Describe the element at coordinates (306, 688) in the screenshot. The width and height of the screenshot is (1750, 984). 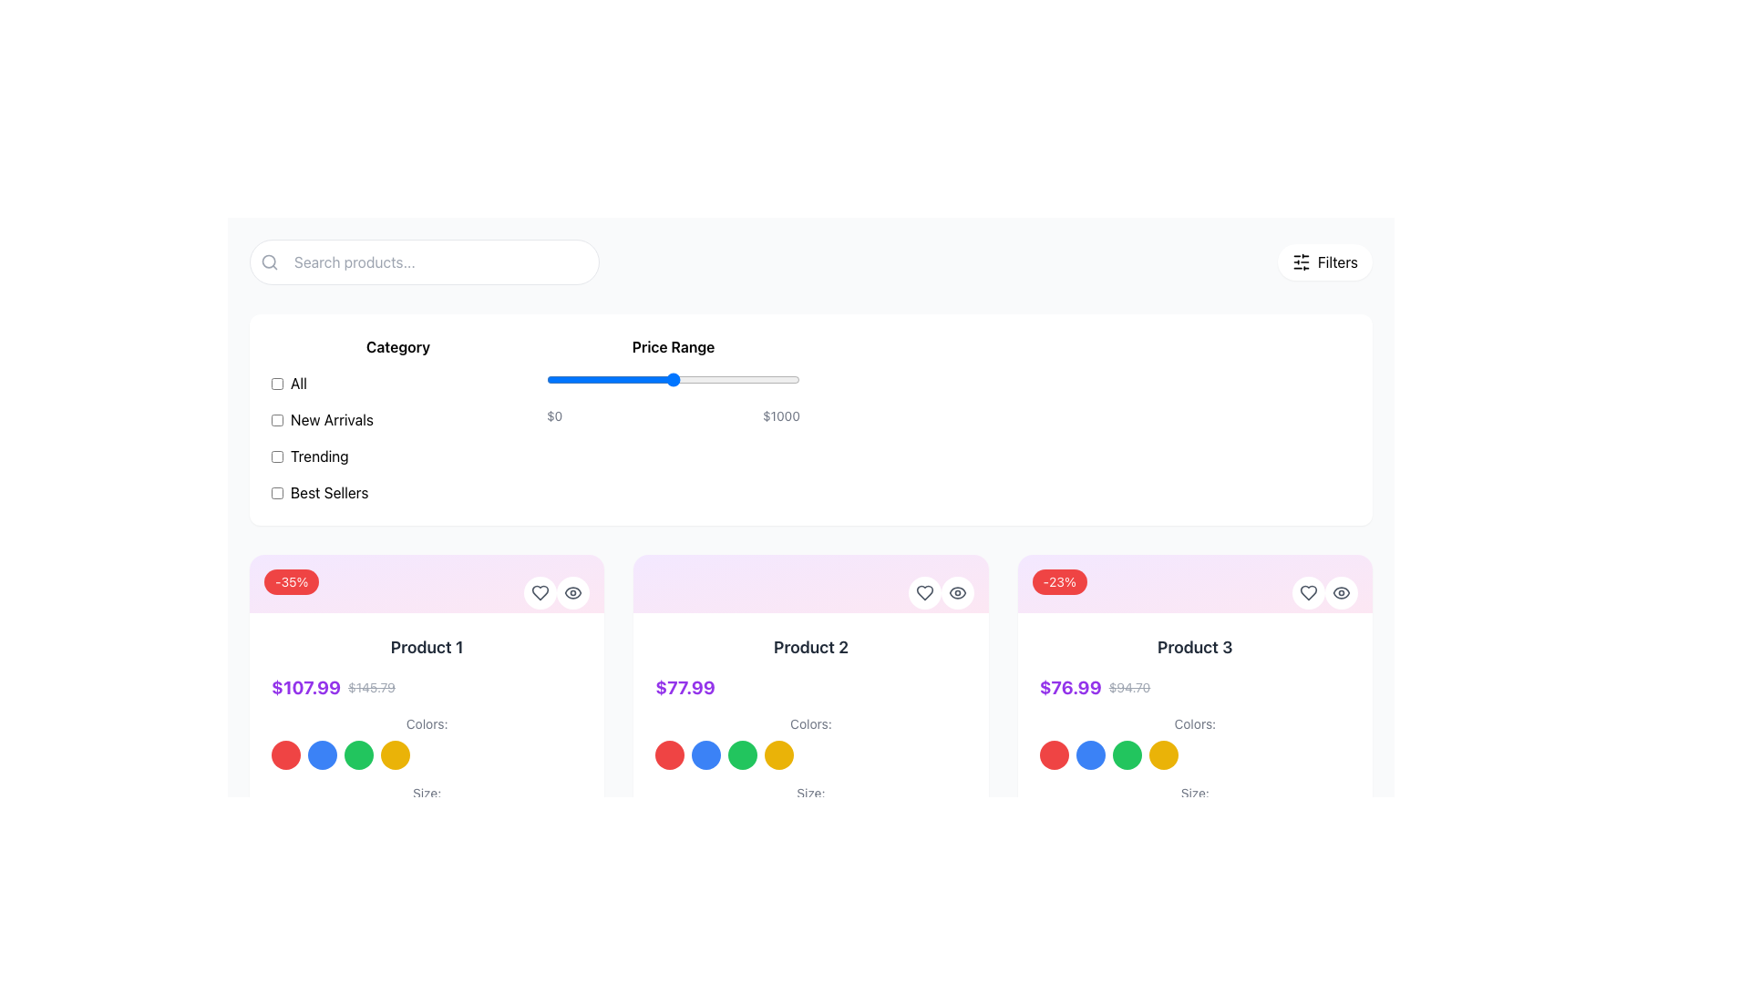
I see `the text label displaying the current price of 'Product 1', which is located in the pricing section of the product card, beneath the product name and above the colors section` at that location.